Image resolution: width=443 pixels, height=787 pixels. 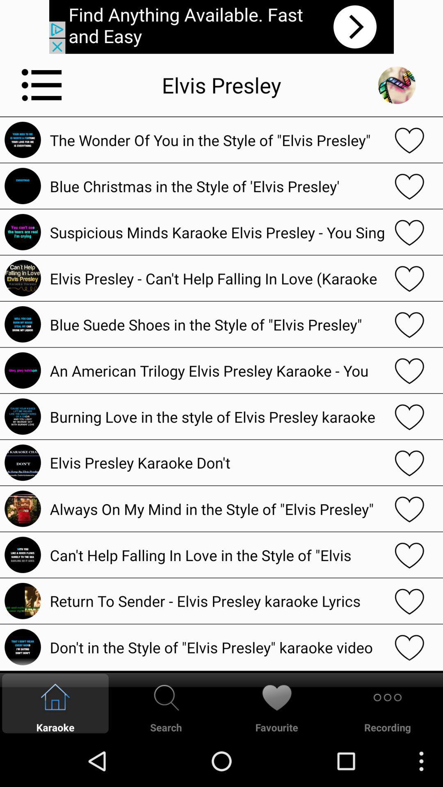 I want to click on song, so click(x=409, y=232).